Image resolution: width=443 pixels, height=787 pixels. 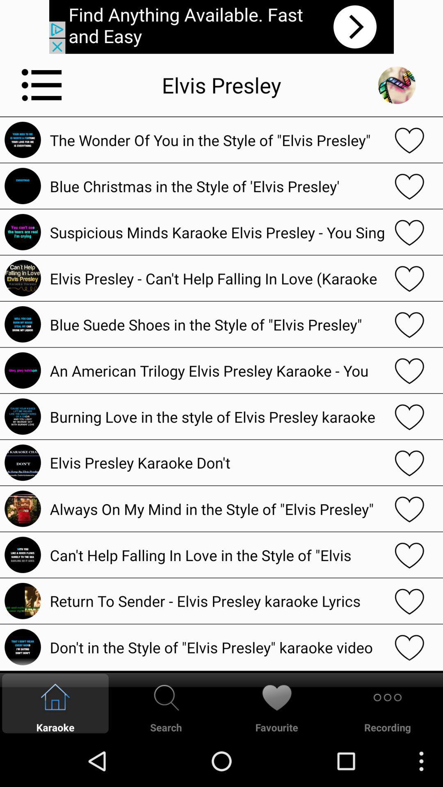 I want to click on song, so click(x=409, y=232).